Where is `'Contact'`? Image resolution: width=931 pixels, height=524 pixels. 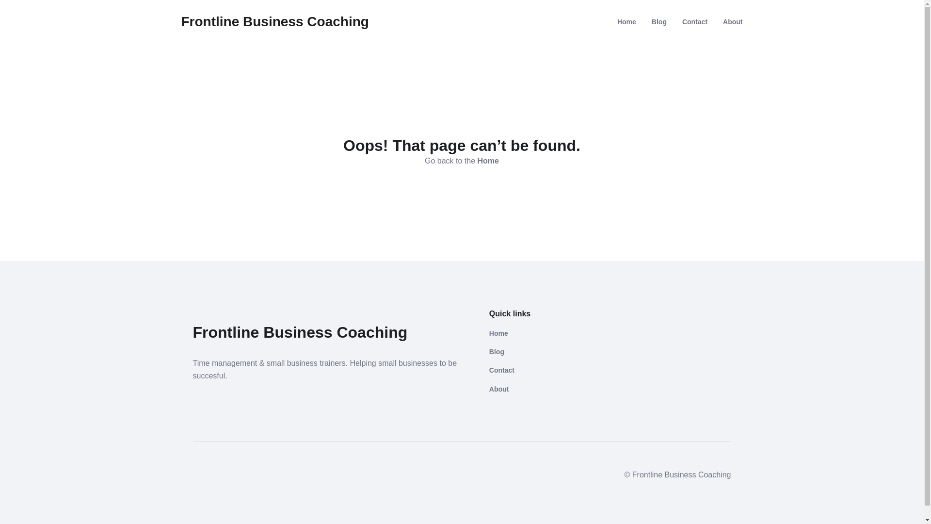 'Contact' is located at coordinates (544, 370).